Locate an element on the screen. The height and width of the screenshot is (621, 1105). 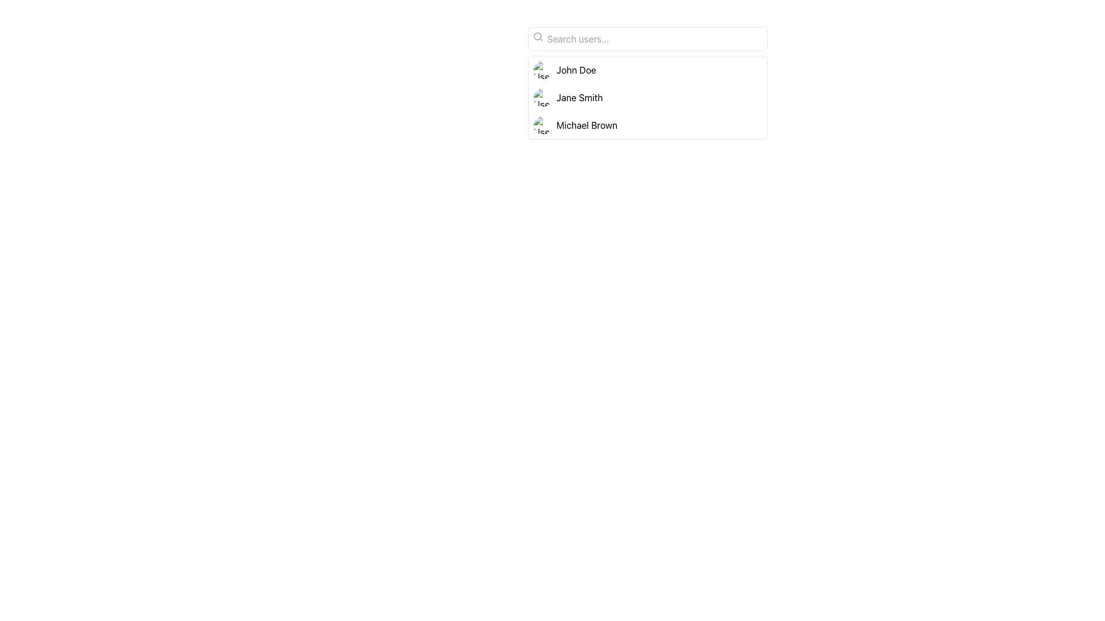
the small circular profile image of 'Jane Smith' is located at coordinates (542, 97).